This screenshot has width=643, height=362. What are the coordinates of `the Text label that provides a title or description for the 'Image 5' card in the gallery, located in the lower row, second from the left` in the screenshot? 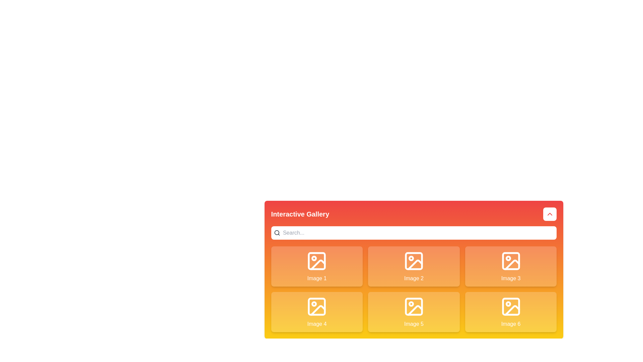 It's located at (413, 324).